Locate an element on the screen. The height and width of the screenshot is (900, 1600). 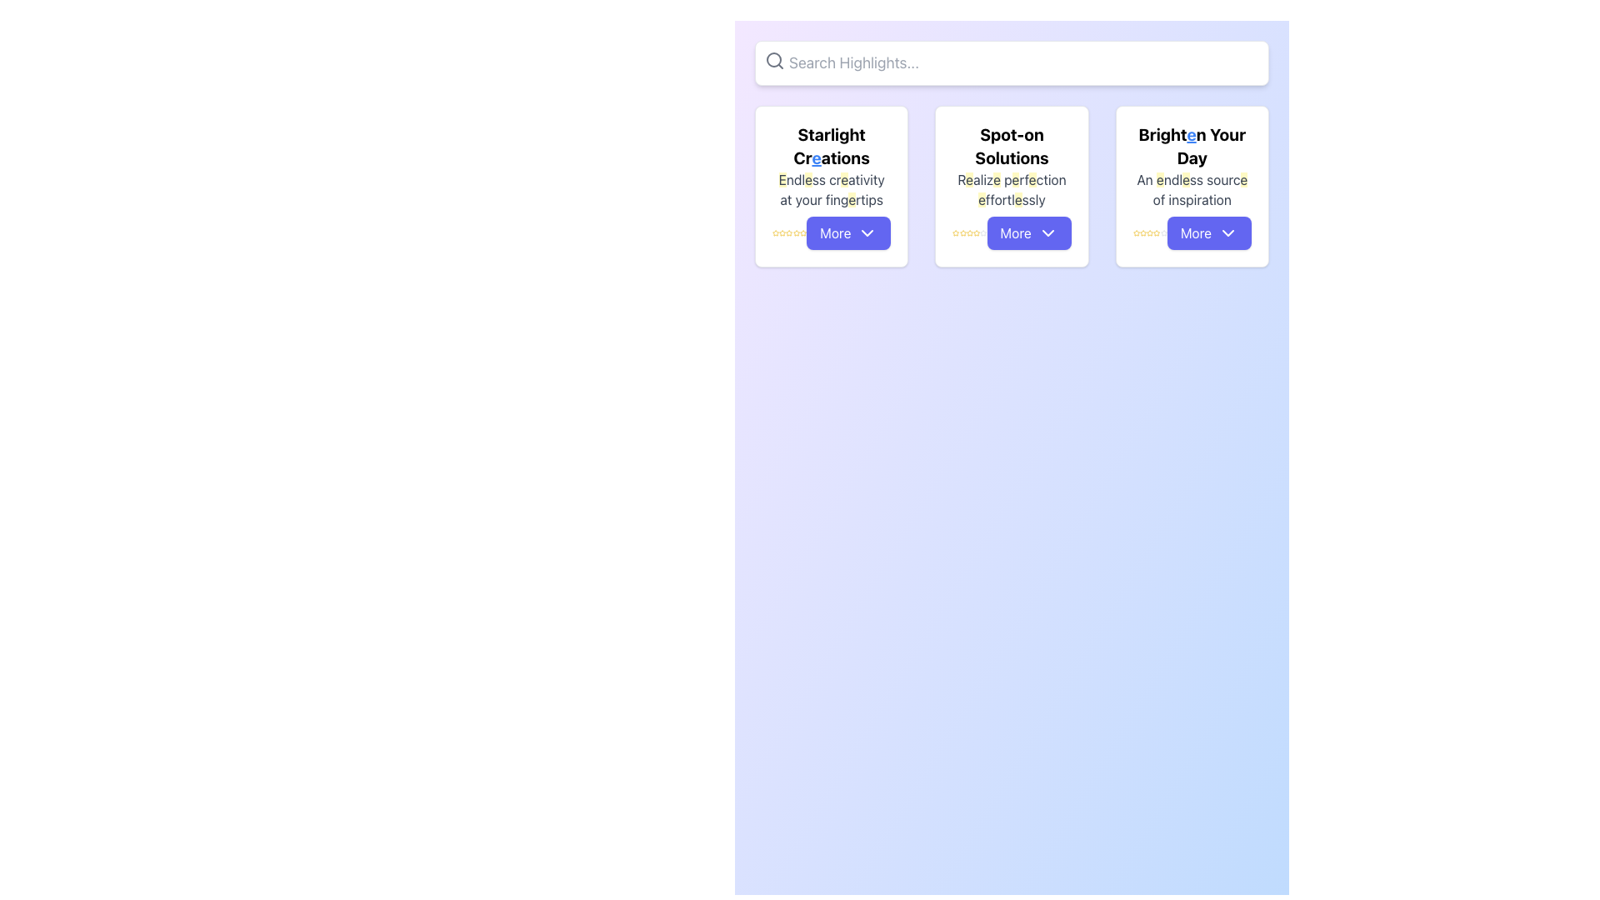
the title text located at the top of the first card in a three-card row layout, which provides primary context for the card content is located at coordinates (832, 146).